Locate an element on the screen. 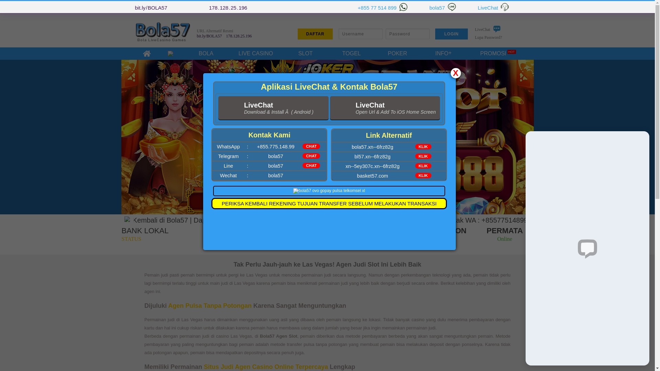 This screenshot has width=660, height=371. 'bl57.xn--6frz82g' is located at coordinates (372, 156).